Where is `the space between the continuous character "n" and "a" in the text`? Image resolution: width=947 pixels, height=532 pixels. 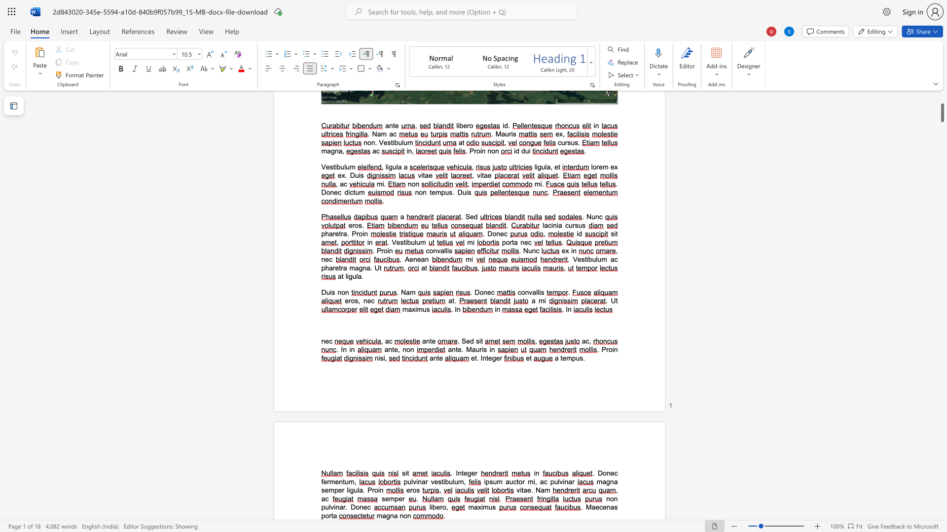
the space between the continuous character "n" and "a" in the text is located at coordinates (393, 515).